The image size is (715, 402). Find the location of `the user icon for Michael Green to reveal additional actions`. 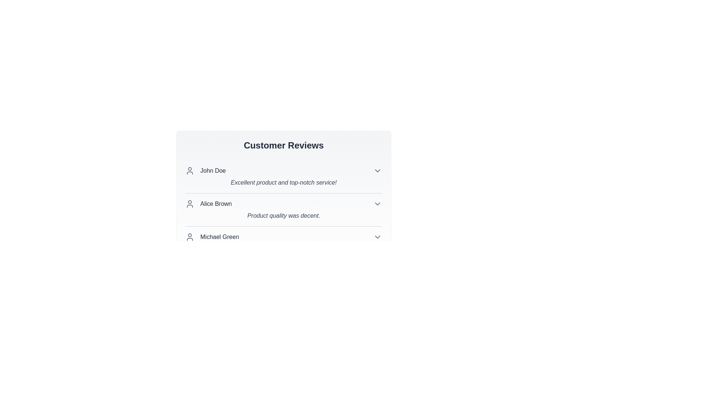

the user icon for Michael Green to reveal additional actions is located at coordinates (190, 237).